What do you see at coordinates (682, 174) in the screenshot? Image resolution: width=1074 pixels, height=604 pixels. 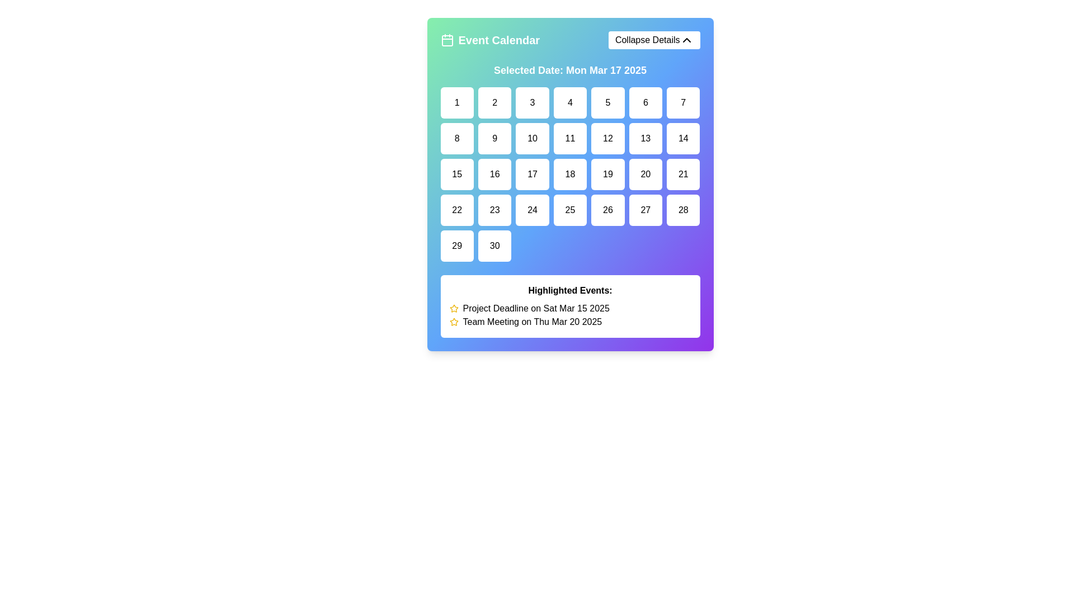 I see `the calendar day button representing the 21st of the month located in the last column of the third row of the calendar UI` at bounding box center [682, 174].